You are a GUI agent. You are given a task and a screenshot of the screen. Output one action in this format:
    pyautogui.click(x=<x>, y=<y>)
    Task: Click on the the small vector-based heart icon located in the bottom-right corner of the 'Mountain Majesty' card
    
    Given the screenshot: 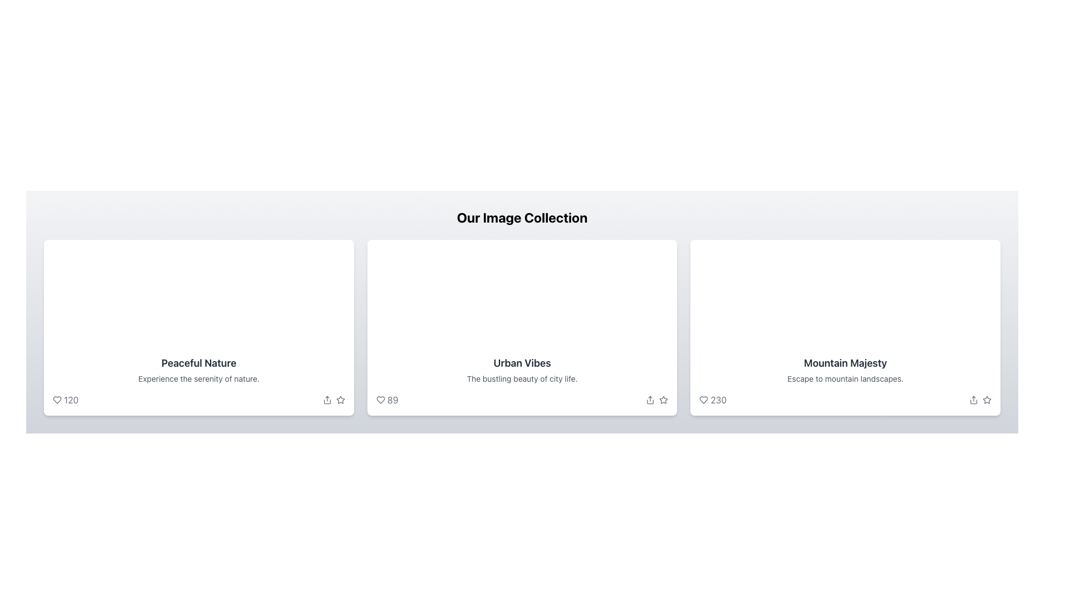 What is the action you would take?
    pyautogui.click(x=703, y=399)
    